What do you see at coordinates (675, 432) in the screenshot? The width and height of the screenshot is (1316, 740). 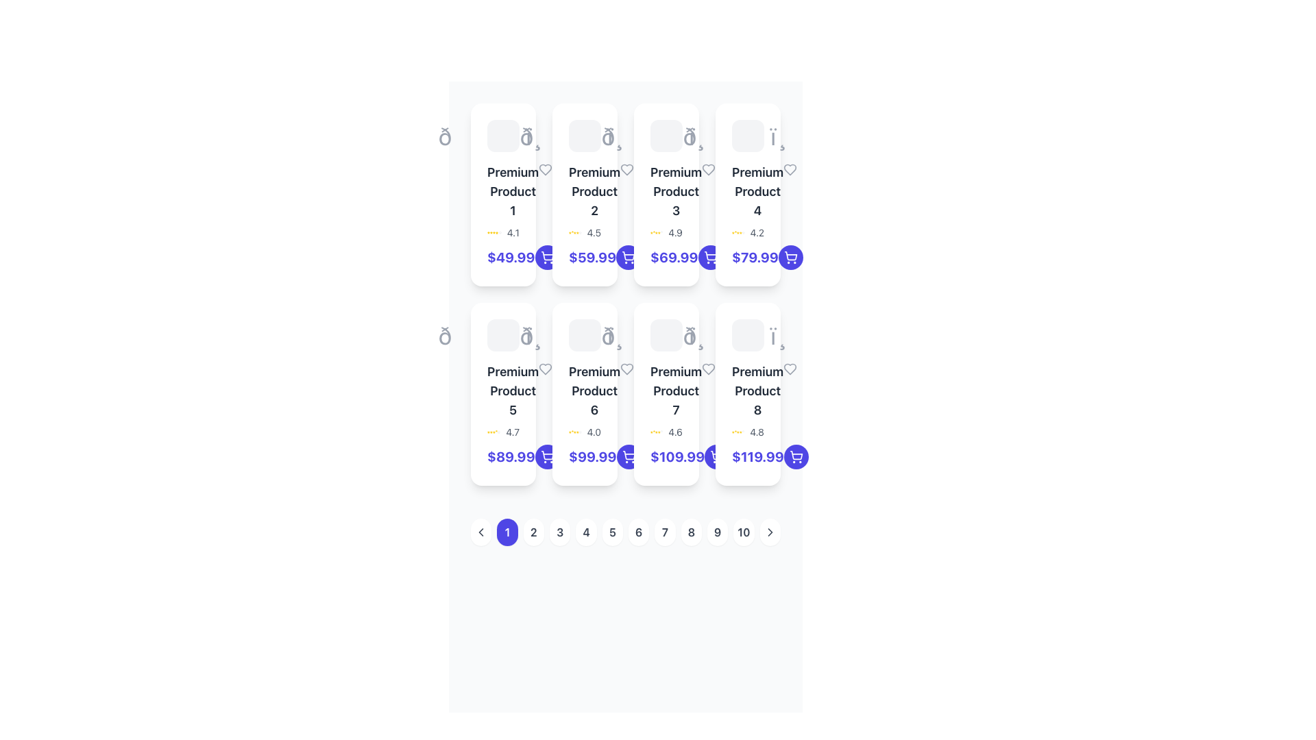 I see `the text '4.6' which indicates the aggregate rating score for the product 'Premium Product 7' to read the rating` at bounding box center [675, 432].